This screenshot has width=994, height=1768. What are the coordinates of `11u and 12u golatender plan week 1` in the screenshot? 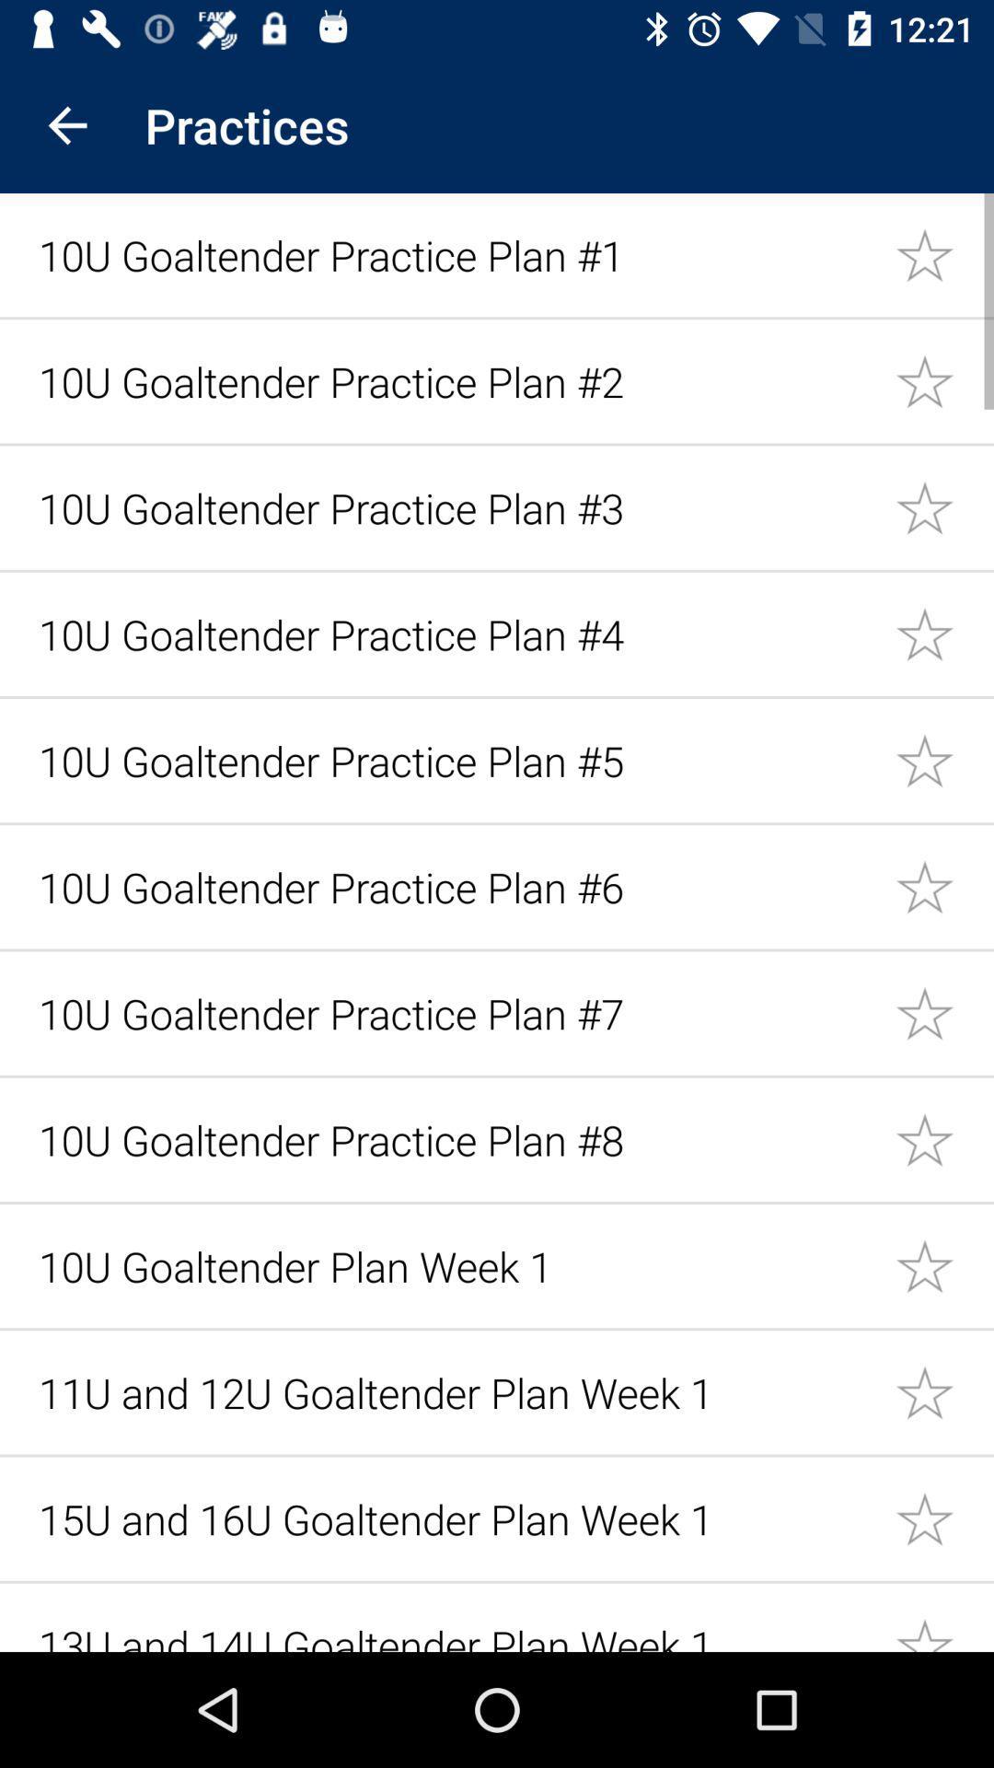 It's located at (944, 1392).